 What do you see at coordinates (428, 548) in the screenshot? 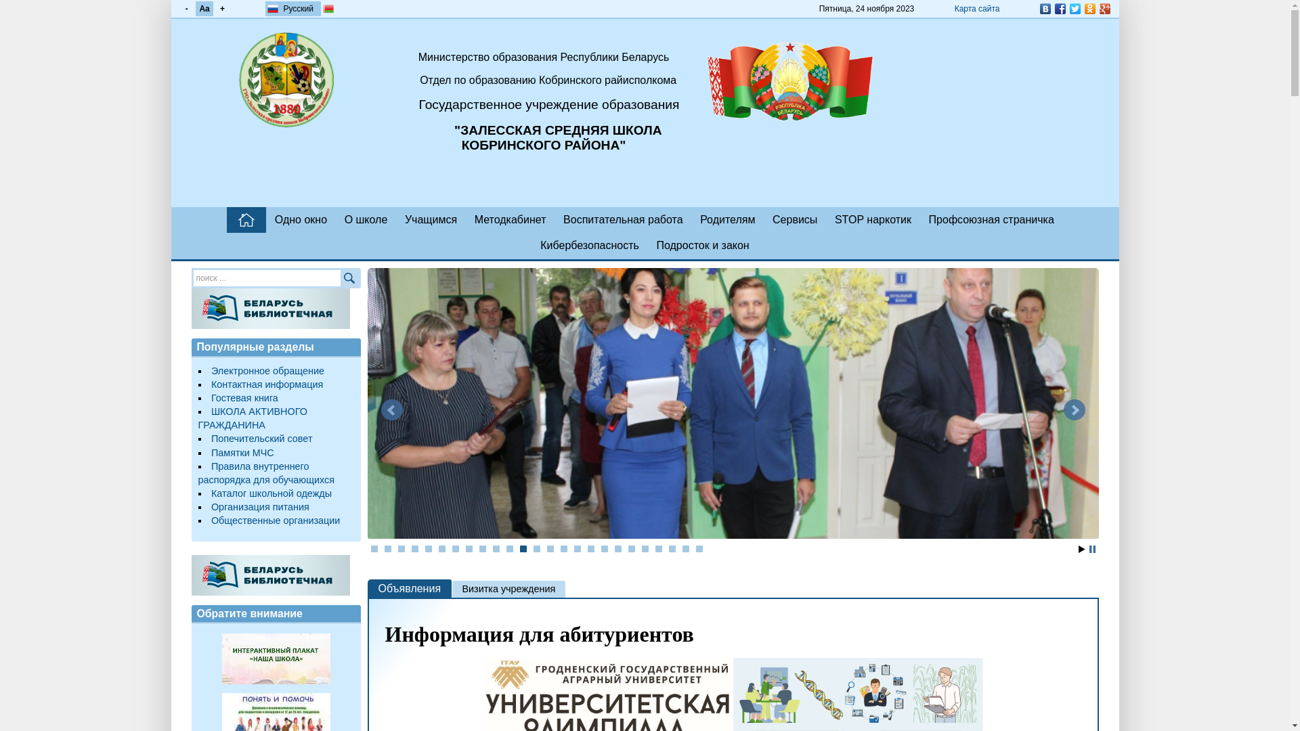
I see `'5'` at bounding box center [428, 548].